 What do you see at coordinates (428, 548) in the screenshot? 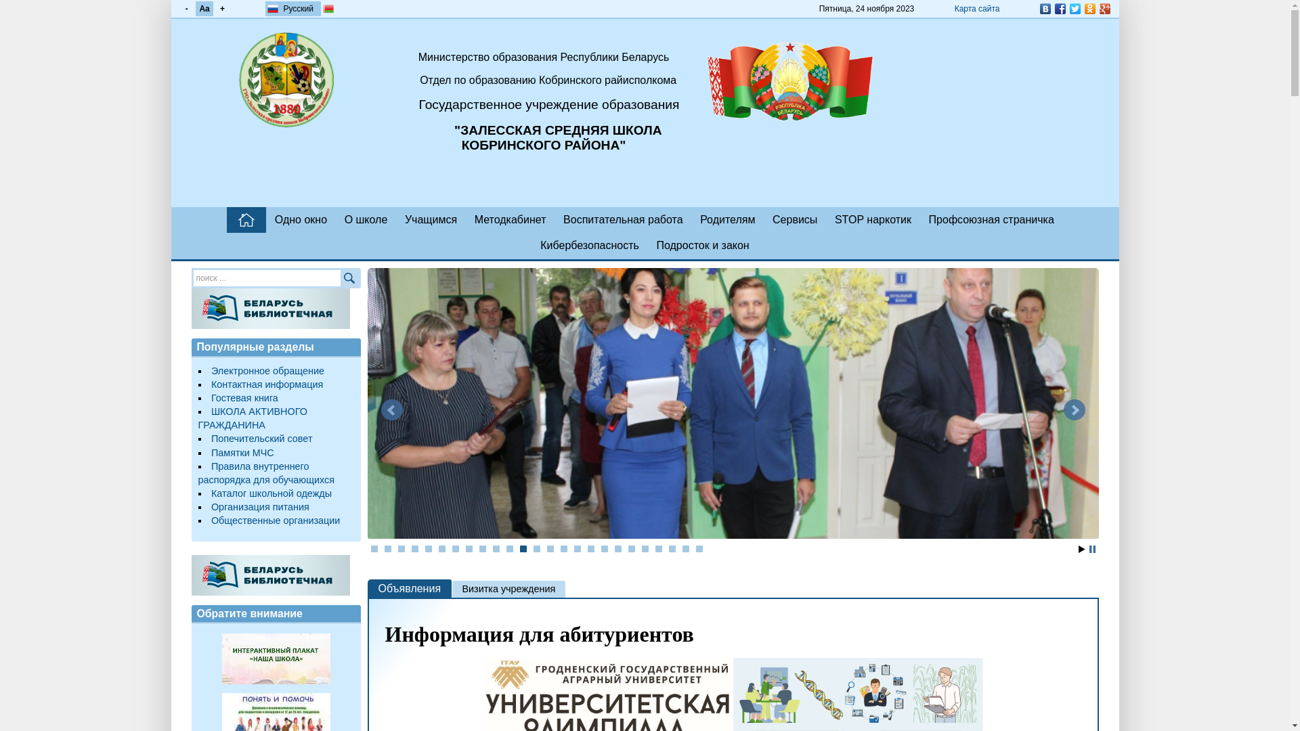
I see `'5'` at bounding box center [428, 548].